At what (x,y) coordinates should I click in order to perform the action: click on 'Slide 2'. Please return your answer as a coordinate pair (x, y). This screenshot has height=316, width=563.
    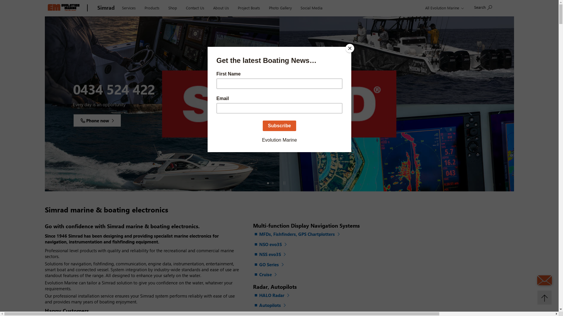
    Looking at the image, I should click on (272, 183).